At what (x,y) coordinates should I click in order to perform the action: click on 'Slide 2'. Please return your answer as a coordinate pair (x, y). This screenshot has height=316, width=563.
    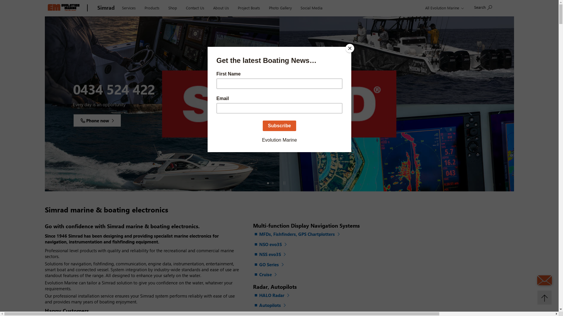
    Looking at the image, I should click on (272, 183).